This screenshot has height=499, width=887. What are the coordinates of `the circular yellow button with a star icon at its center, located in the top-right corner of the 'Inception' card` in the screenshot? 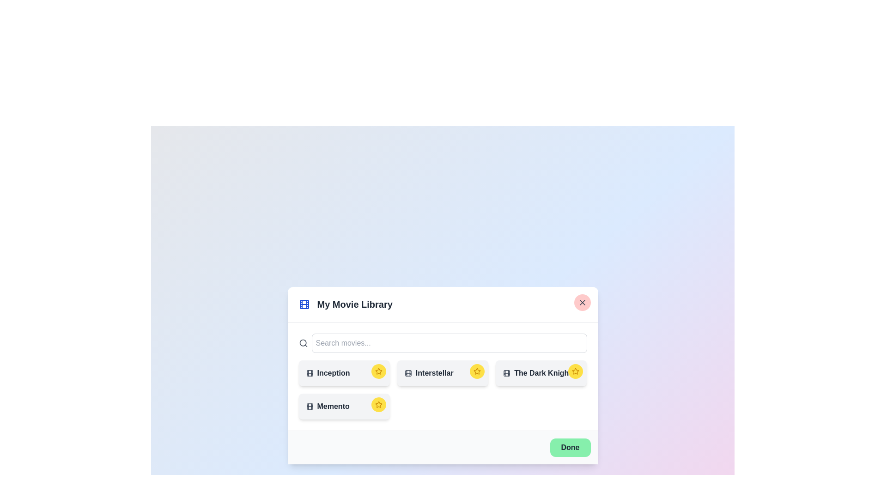 It's located at (378, 371).